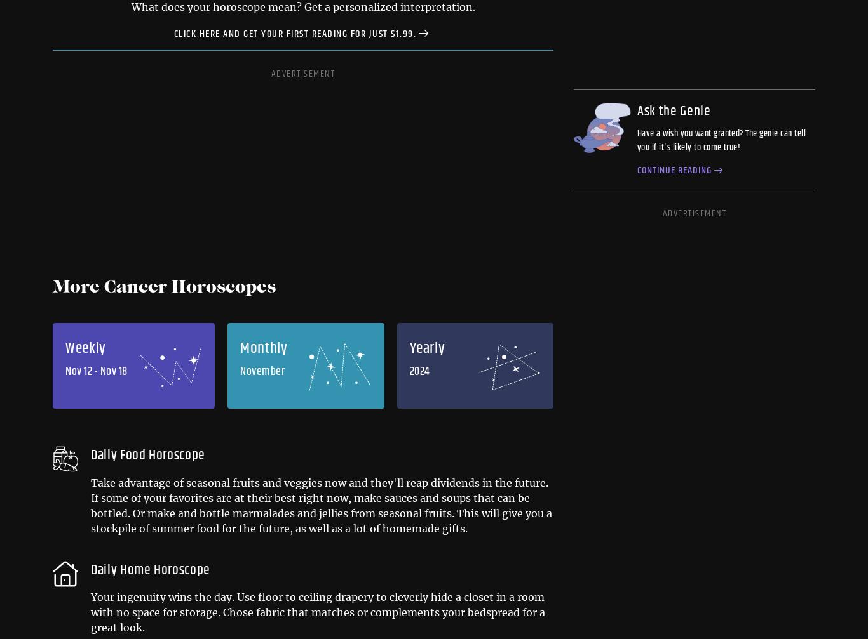 The image size is (868, 639). What do you see at coordinates (295, 33) in the screenshot?
I see `'Click here and get your first reading for just $1.99.'` at bounding box center [295, 33].